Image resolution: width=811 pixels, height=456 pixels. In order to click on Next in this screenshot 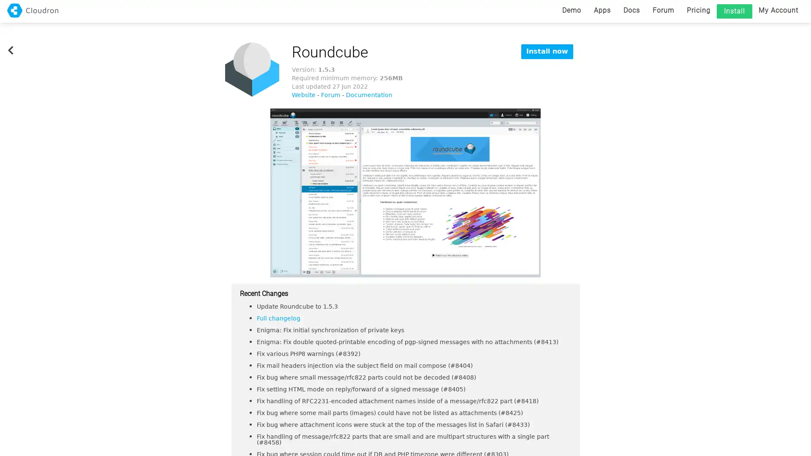, I will do `click(580, 193)`.